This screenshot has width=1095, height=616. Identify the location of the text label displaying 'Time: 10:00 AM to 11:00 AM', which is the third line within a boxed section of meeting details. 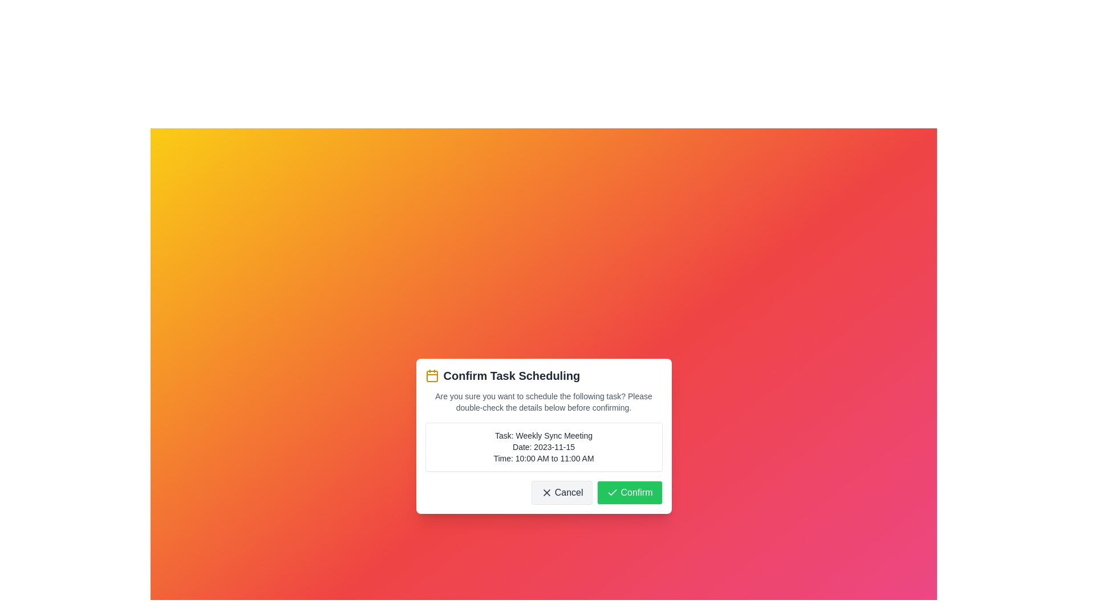
(543, 457).